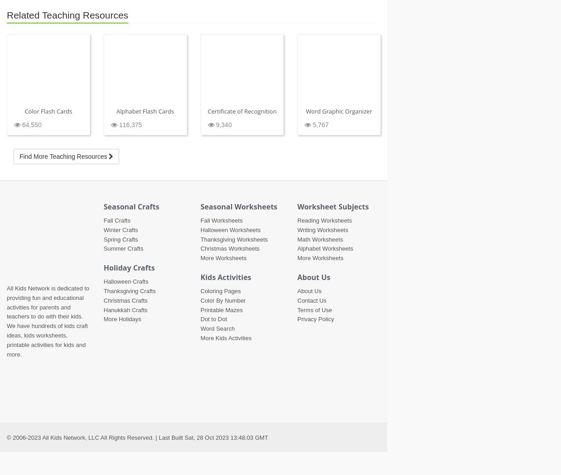 This screenshot has width=561, height=475. Describe the element at coordinates (121, 319) in the screenshot. I see `'More Holidays'` at that location.